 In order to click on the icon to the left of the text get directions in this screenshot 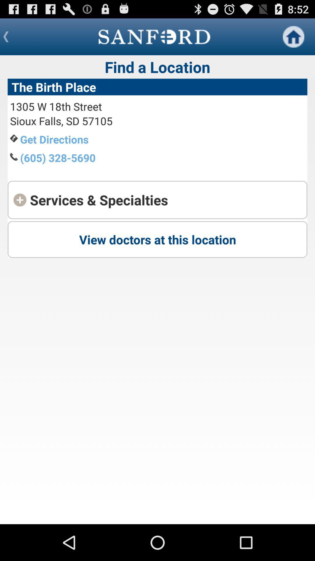, I will do `click(13, 138)`.